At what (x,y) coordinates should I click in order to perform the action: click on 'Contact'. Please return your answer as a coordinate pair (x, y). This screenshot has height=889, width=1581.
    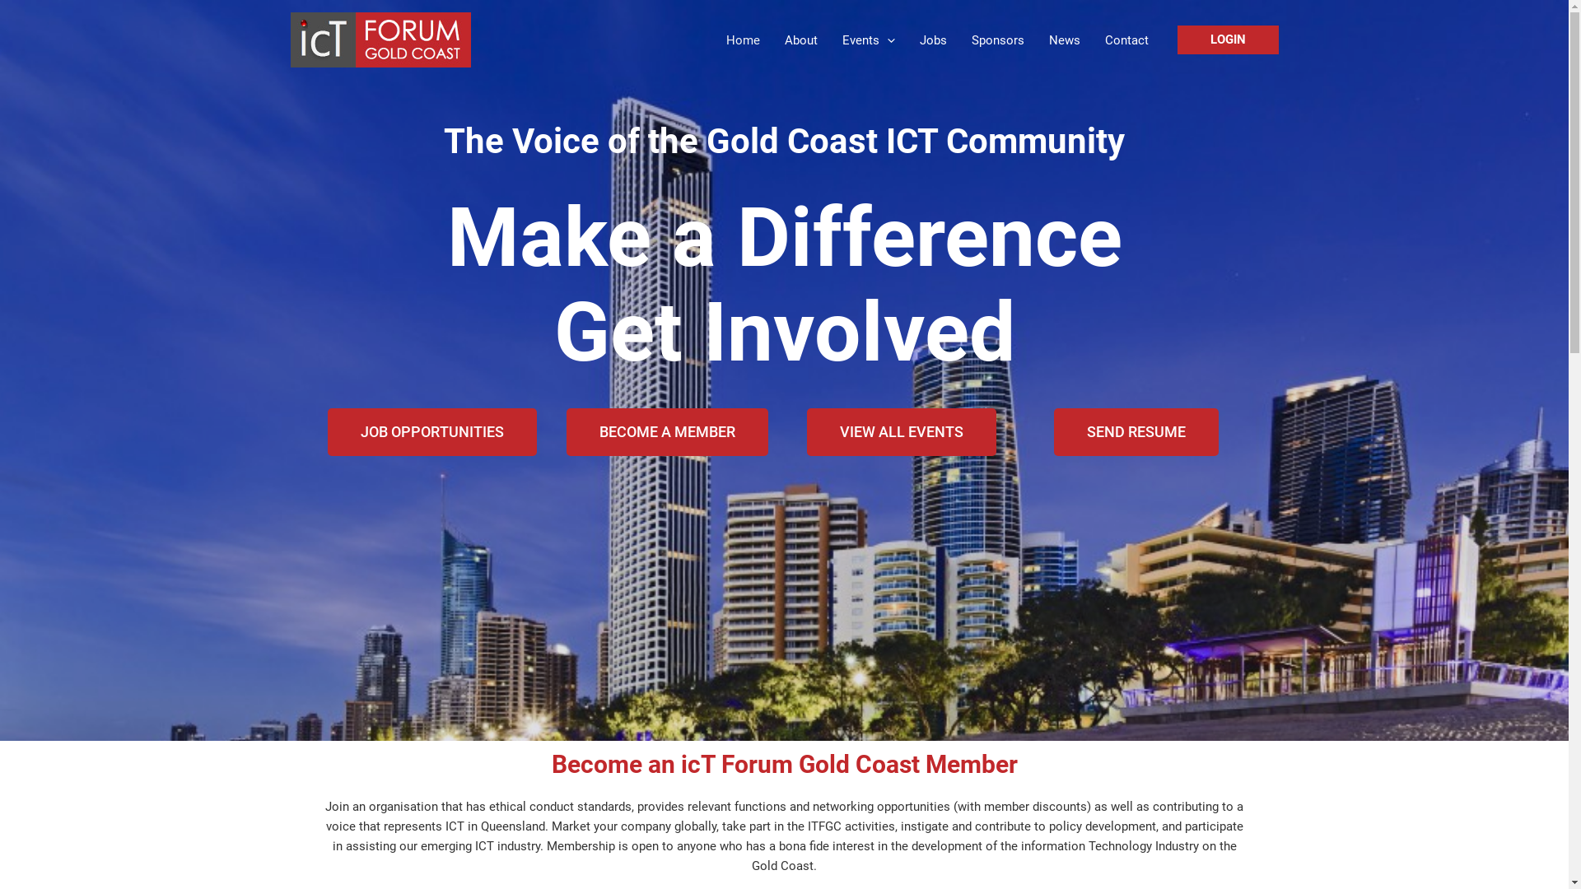
    Looking at the image, I should click on (1125, 40).